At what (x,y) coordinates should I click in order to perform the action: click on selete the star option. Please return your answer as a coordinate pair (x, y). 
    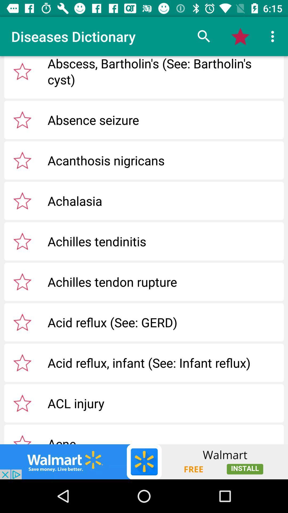
    Looking at the image, I should click on (22, 438).